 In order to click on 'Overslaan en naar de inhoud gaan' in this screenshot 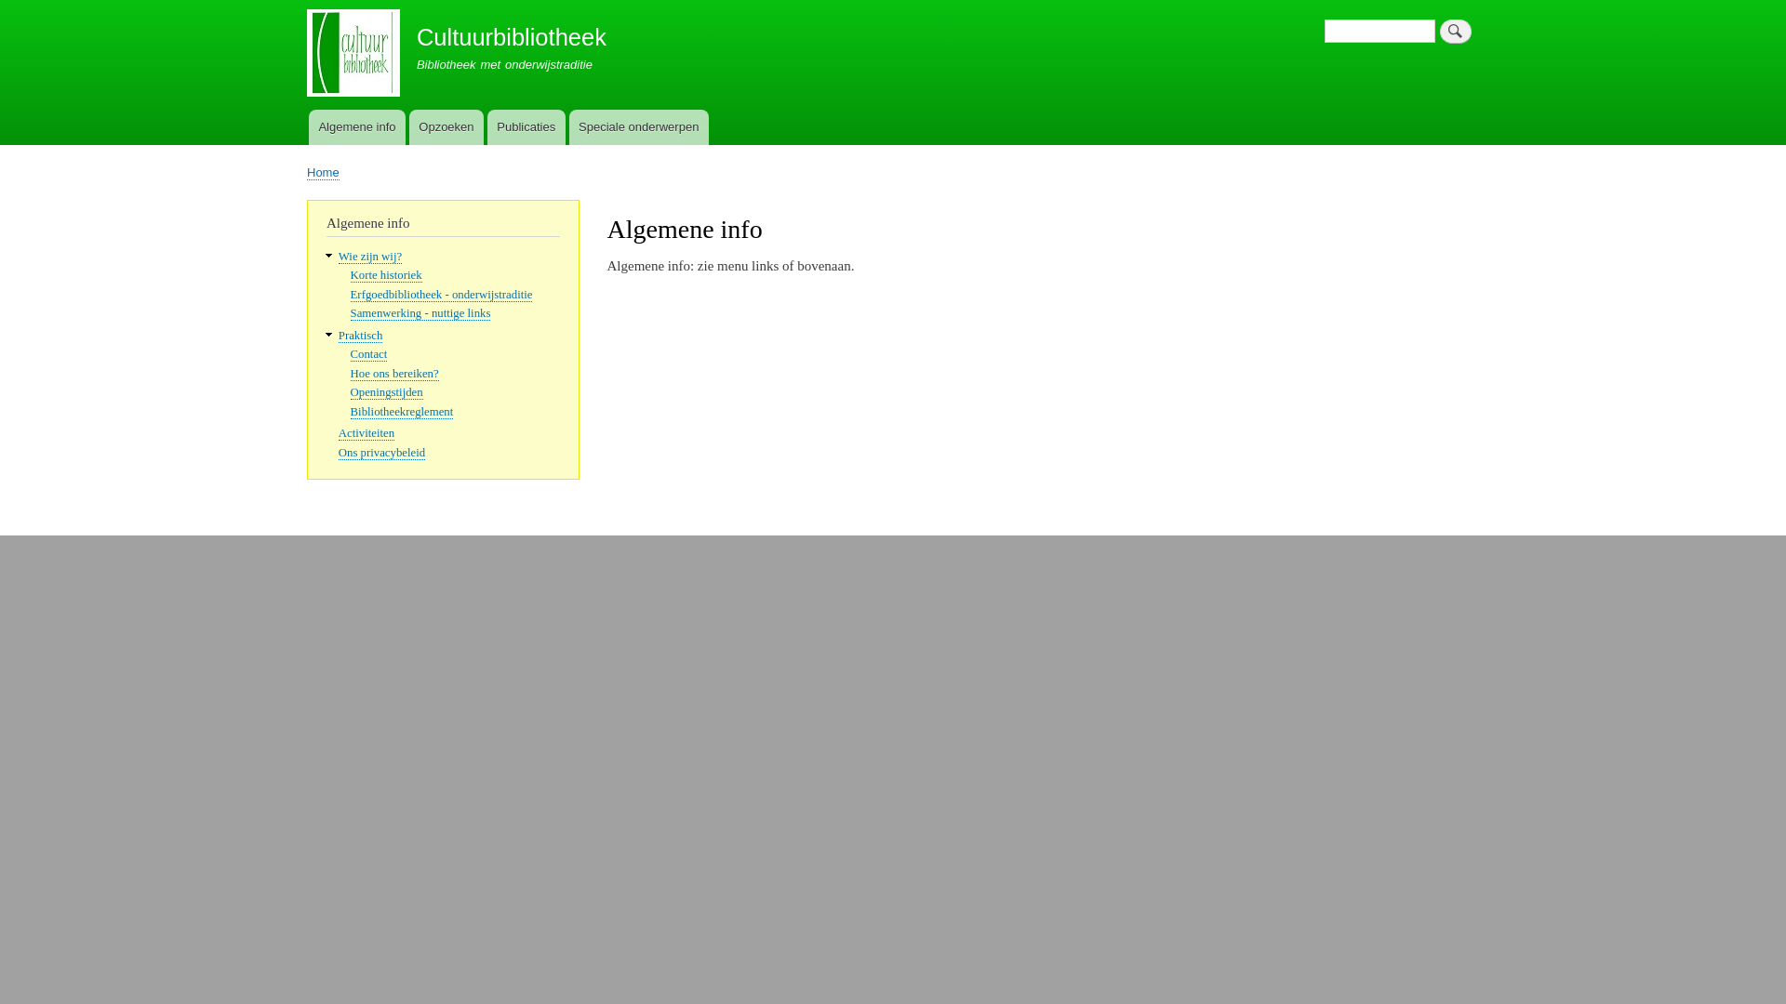, I will do `click(883, 2)`.